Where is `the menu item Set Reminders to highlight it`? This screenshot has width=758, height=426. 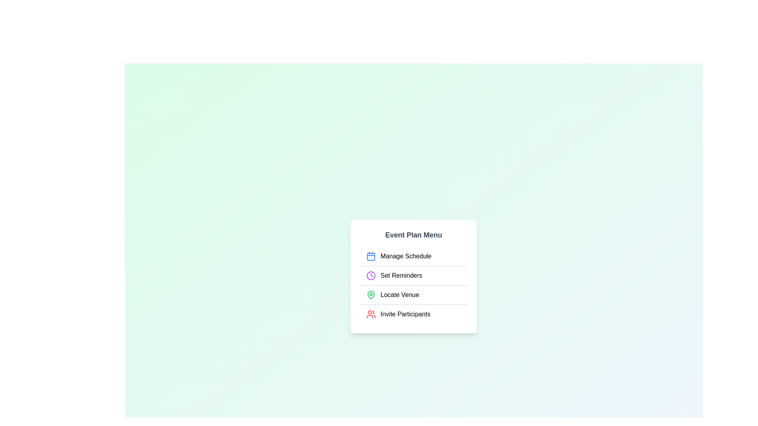
the menu item Set Reminders to highlight it is located at coordinates (413, 275).